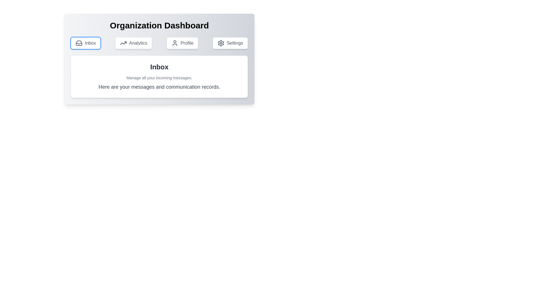 The image size is (546, 307). What do you see at coordinates (174, 43) in the screenshot?
I see `the user icon within the 'Profile' button, which is located in the top row of the user interface, to the right of the 'Analytics' button and to the left of the 'Settings' button` at bounding box center [174, 43].